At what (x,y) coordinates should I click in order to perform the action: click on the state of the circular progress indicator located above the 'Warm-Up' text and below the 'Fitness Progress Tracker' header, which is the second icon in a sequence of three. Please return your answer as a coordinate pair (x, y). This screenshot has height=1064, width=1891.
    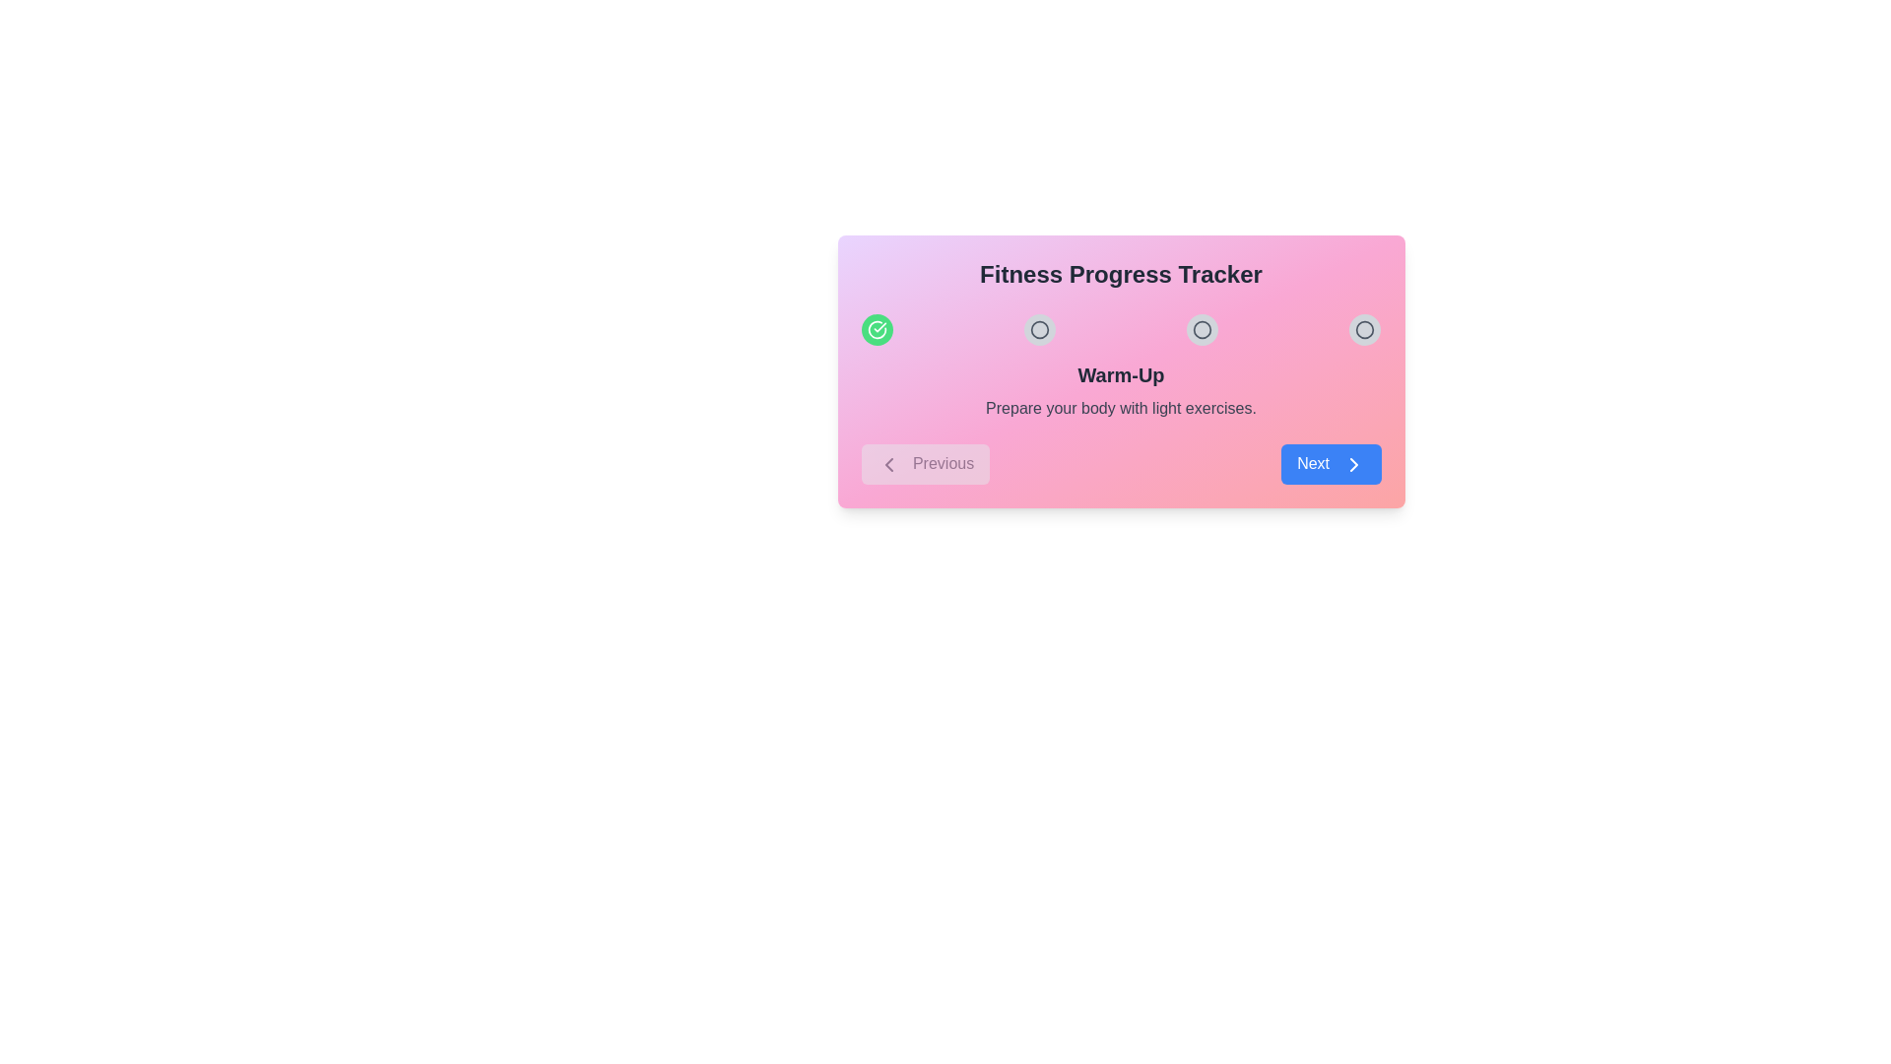
    Looking at the image, I should click on (1038, 329).